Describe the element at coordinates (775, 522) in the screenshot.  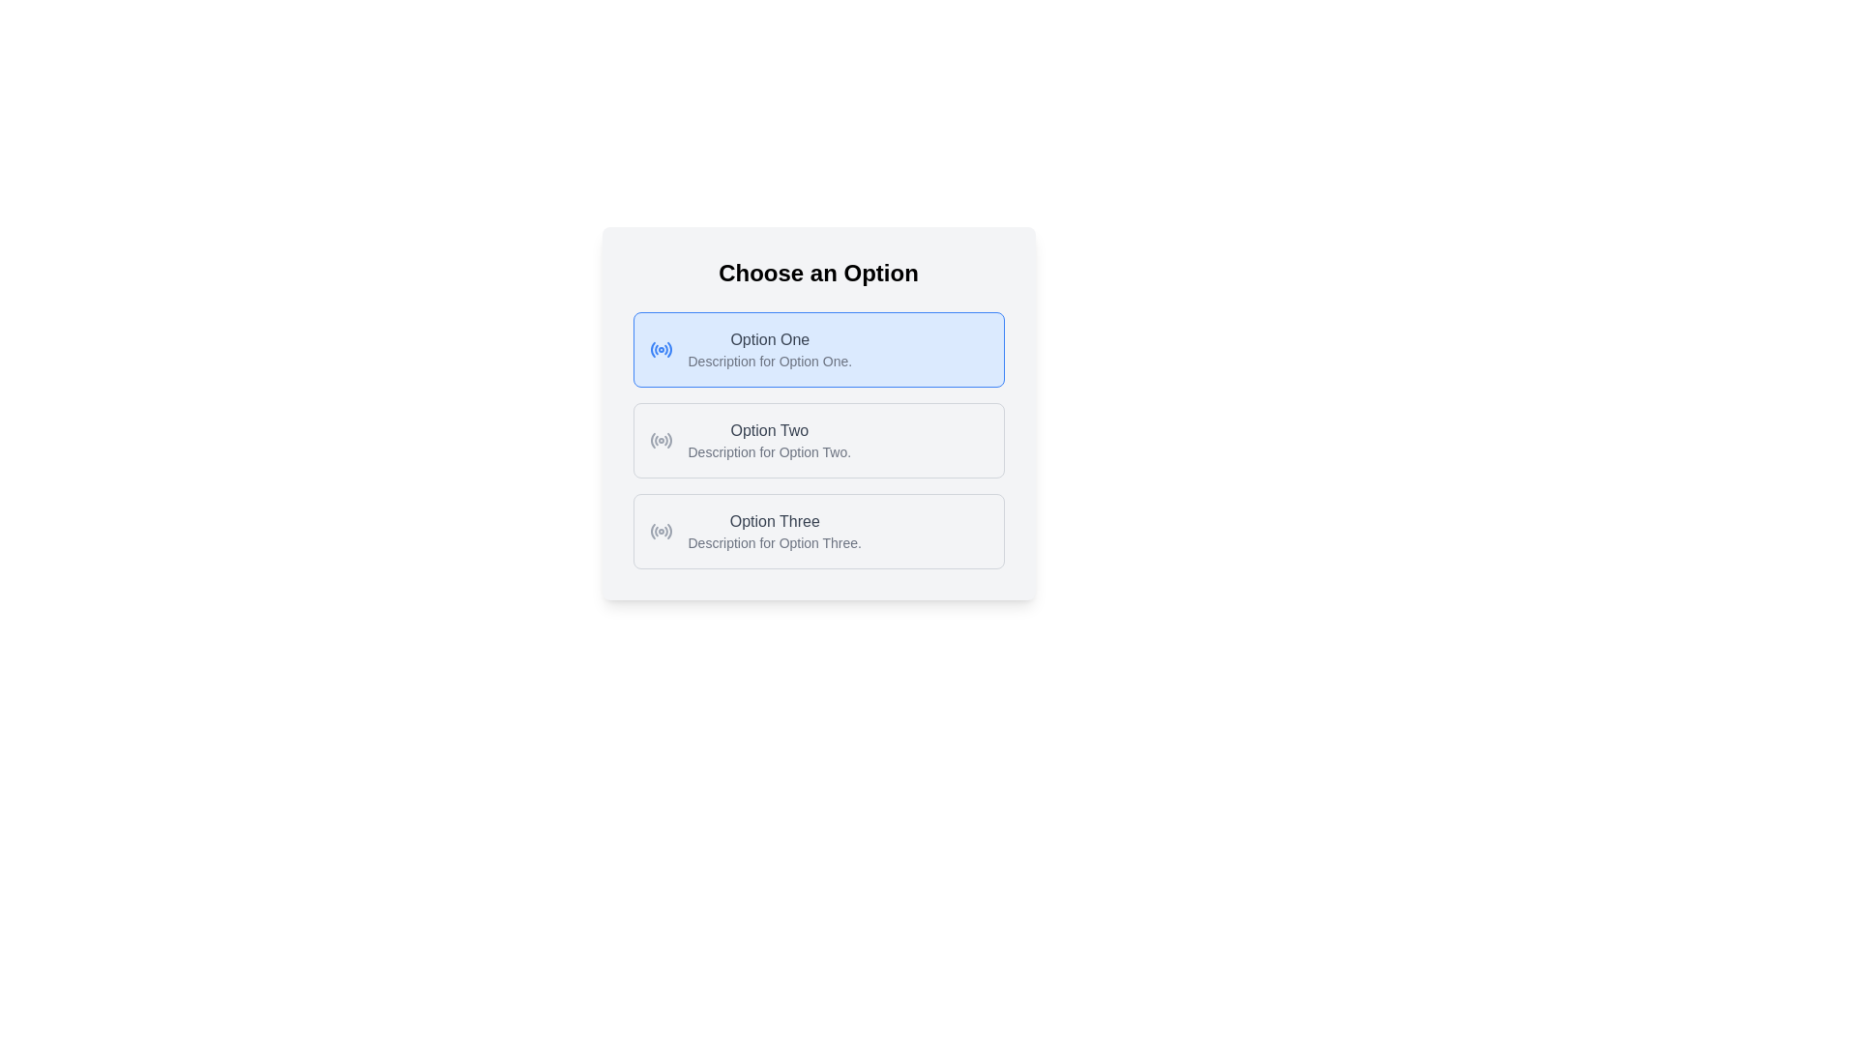
I see `the 'Option Three' text label, which identifies the third selectable option in a vertical list` at that location.